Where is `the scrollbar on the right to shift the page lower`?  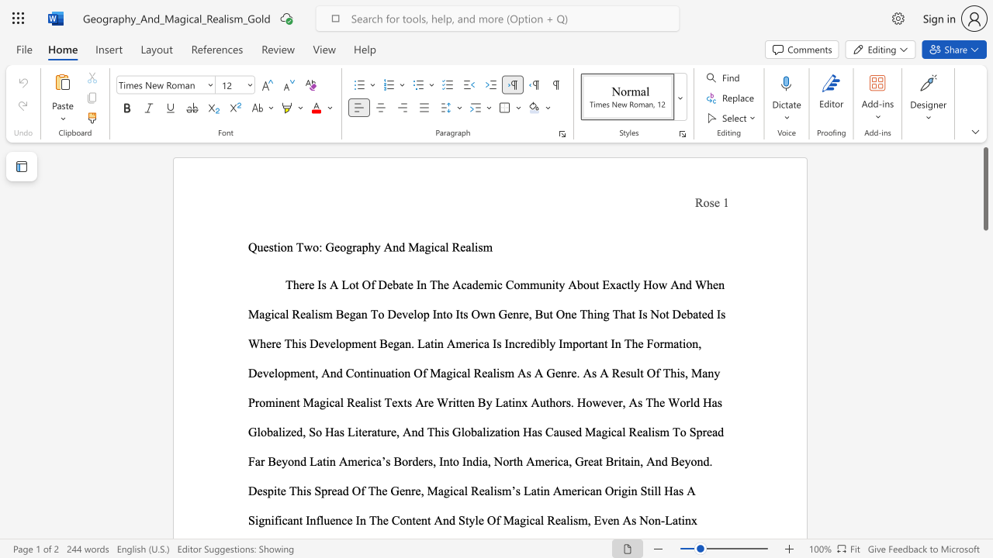 the scrollbar on the right to shift the page lower is located at coordinates (984, 533).